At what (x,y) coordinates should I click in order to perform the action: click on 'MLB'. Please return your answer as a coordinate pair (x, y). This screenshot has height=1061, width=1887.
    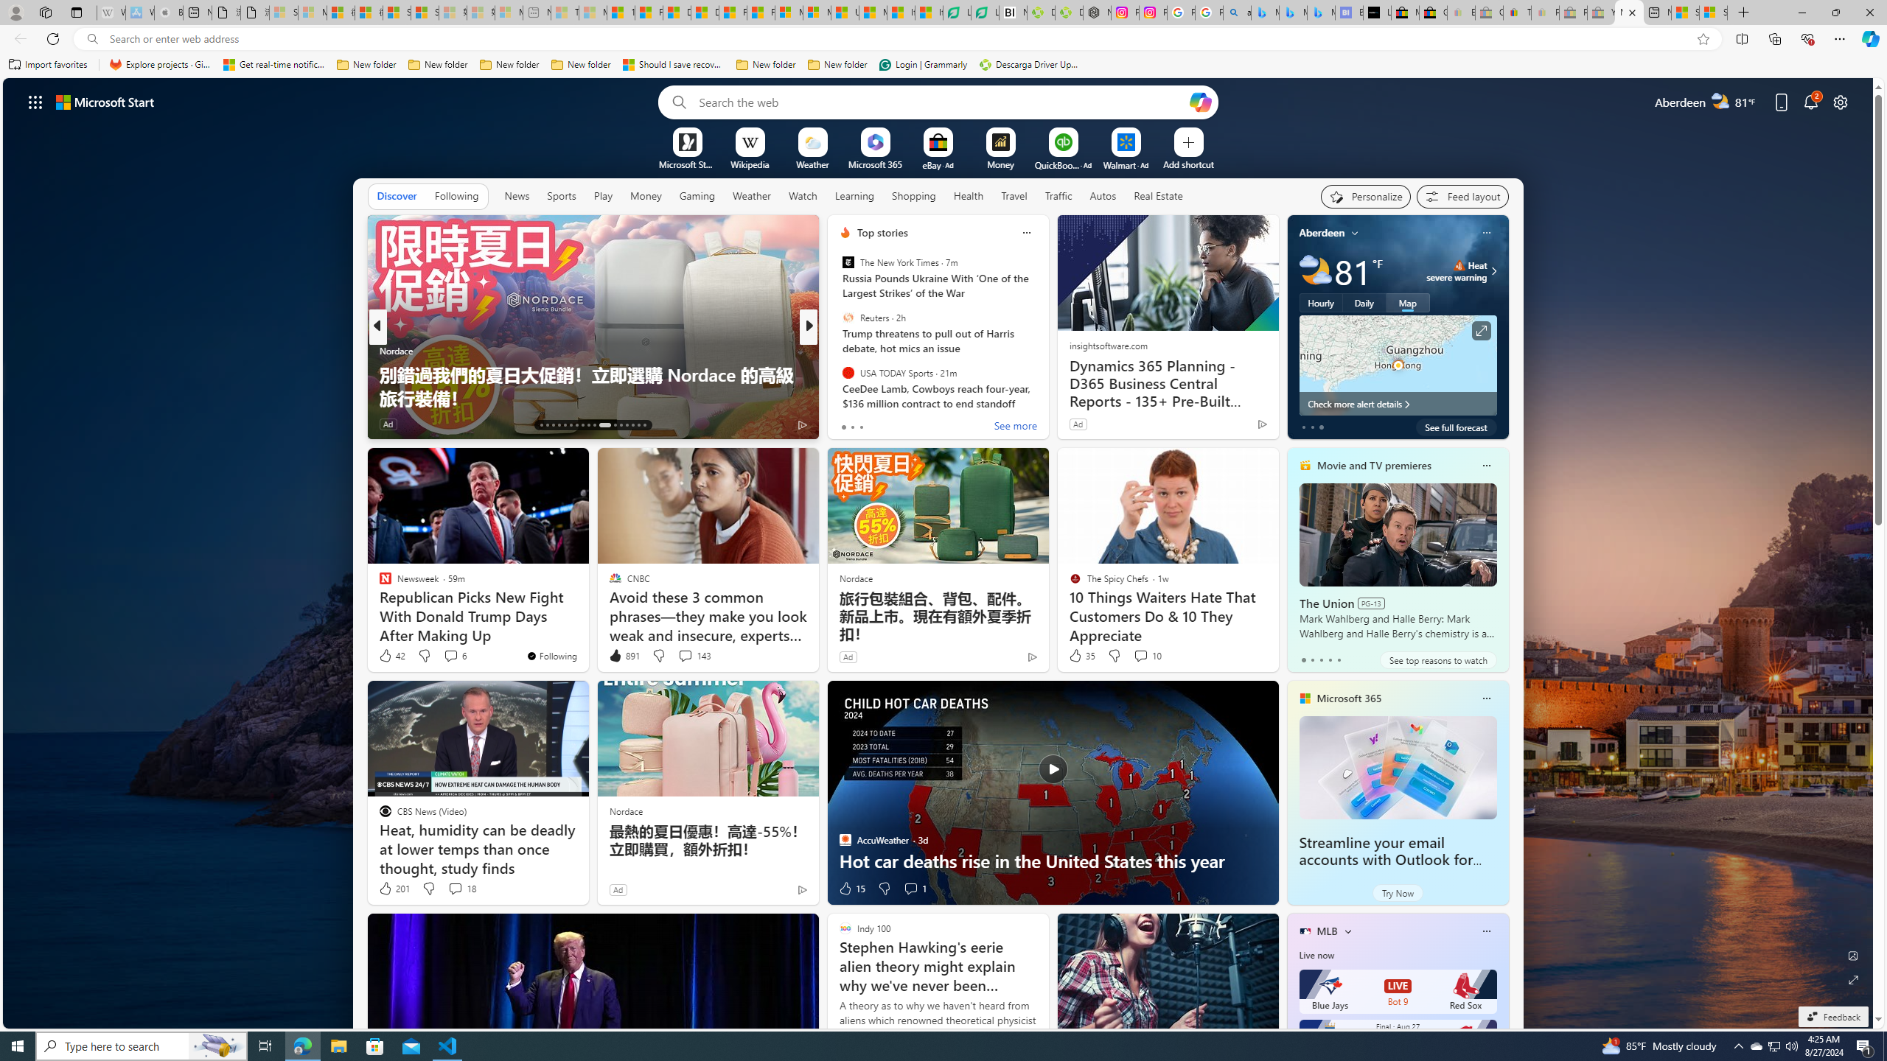
    Looking at the image, I should click on (1326, 931).